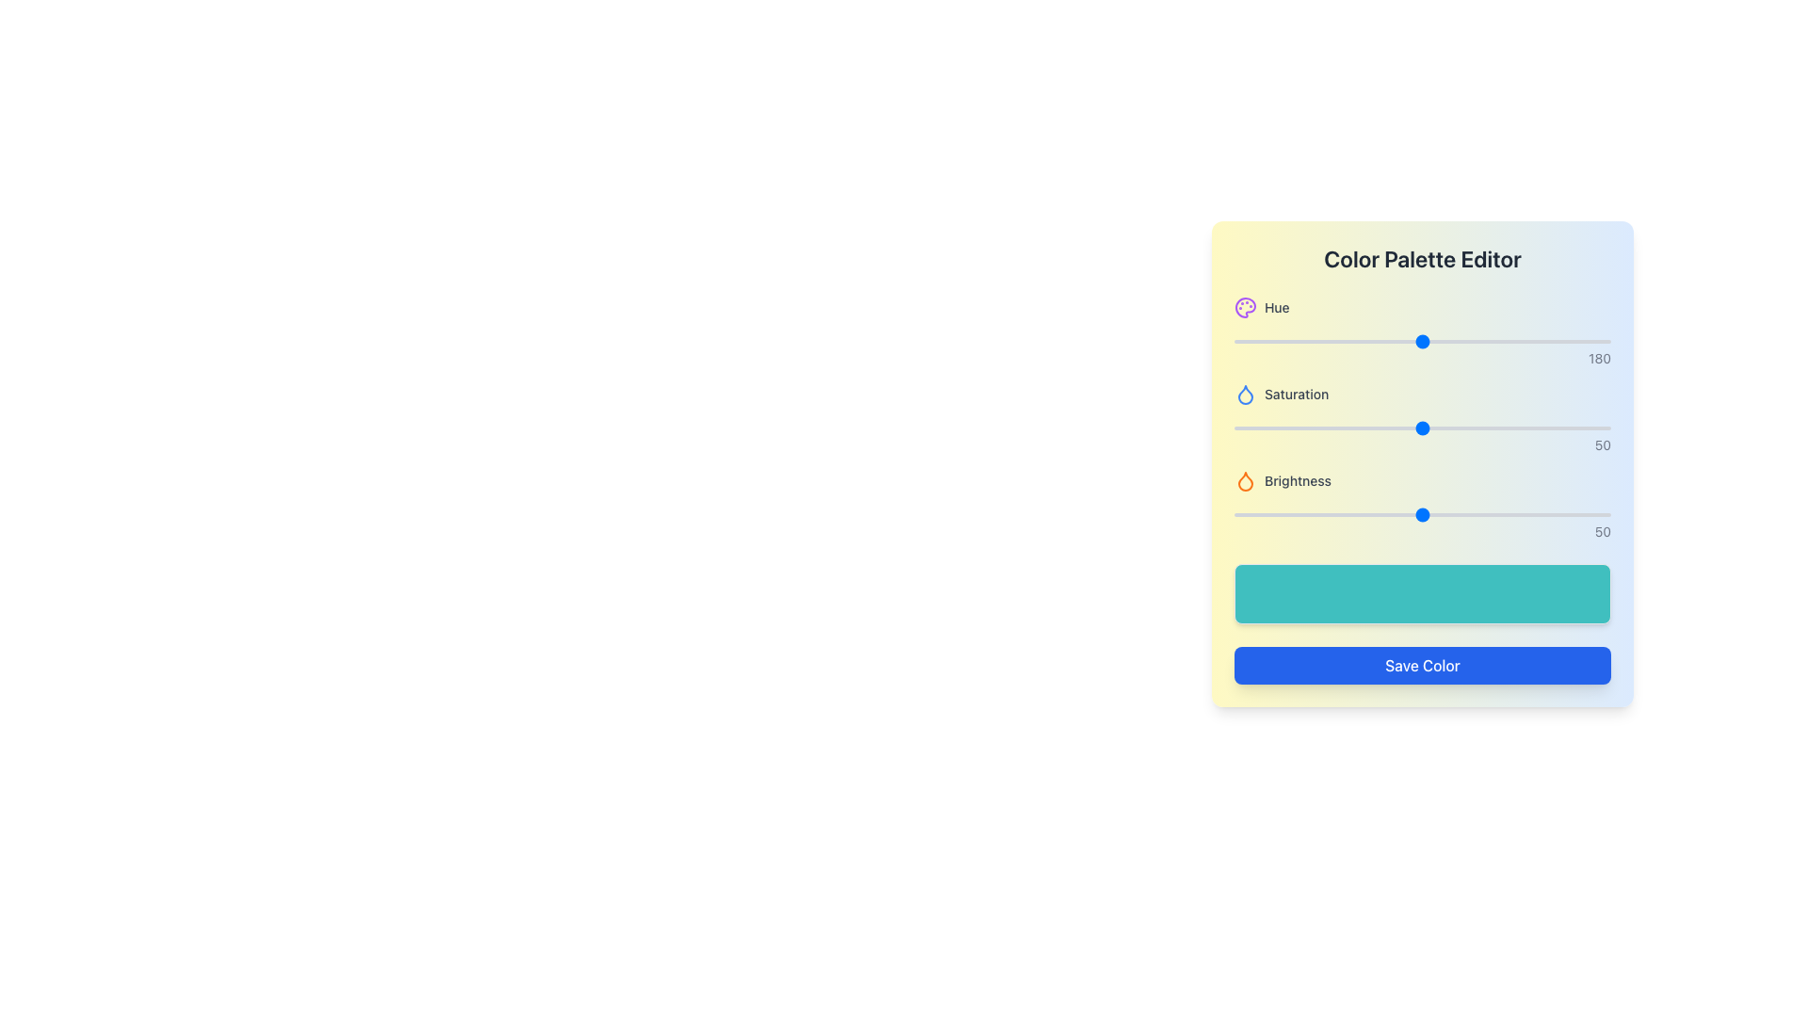 The width and height of the screenshot is (1808, 1017). I want to click on the saturation level, so click(1445, 428).